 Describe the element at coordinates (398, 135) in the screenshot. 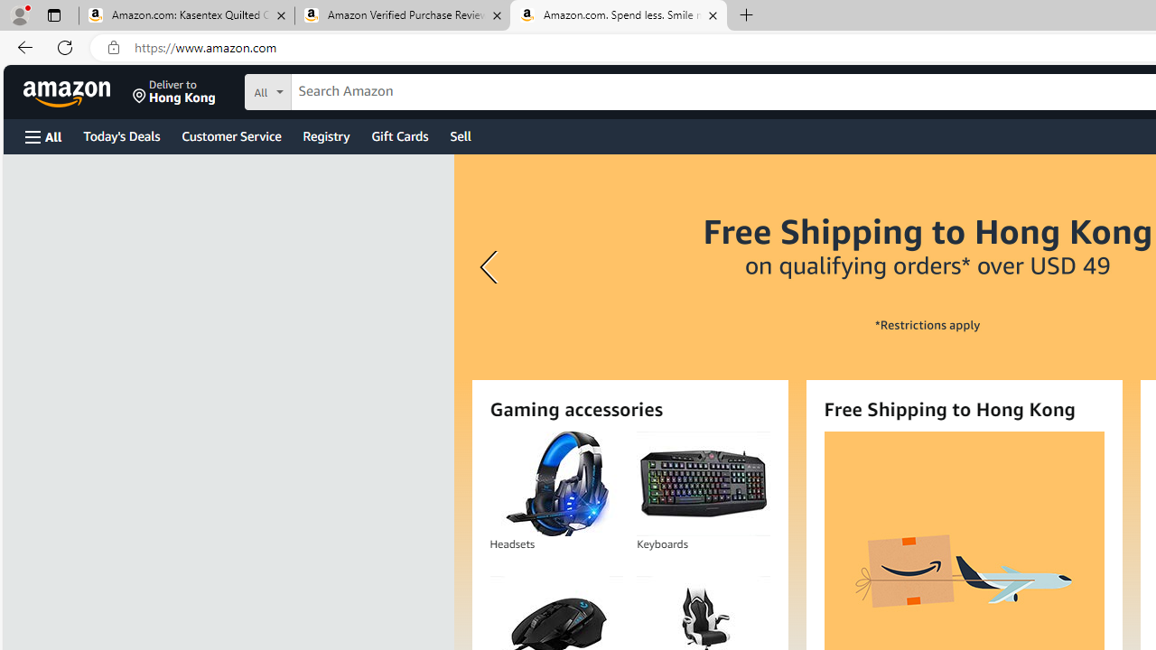

I see `'Gift Cards'` at that location.